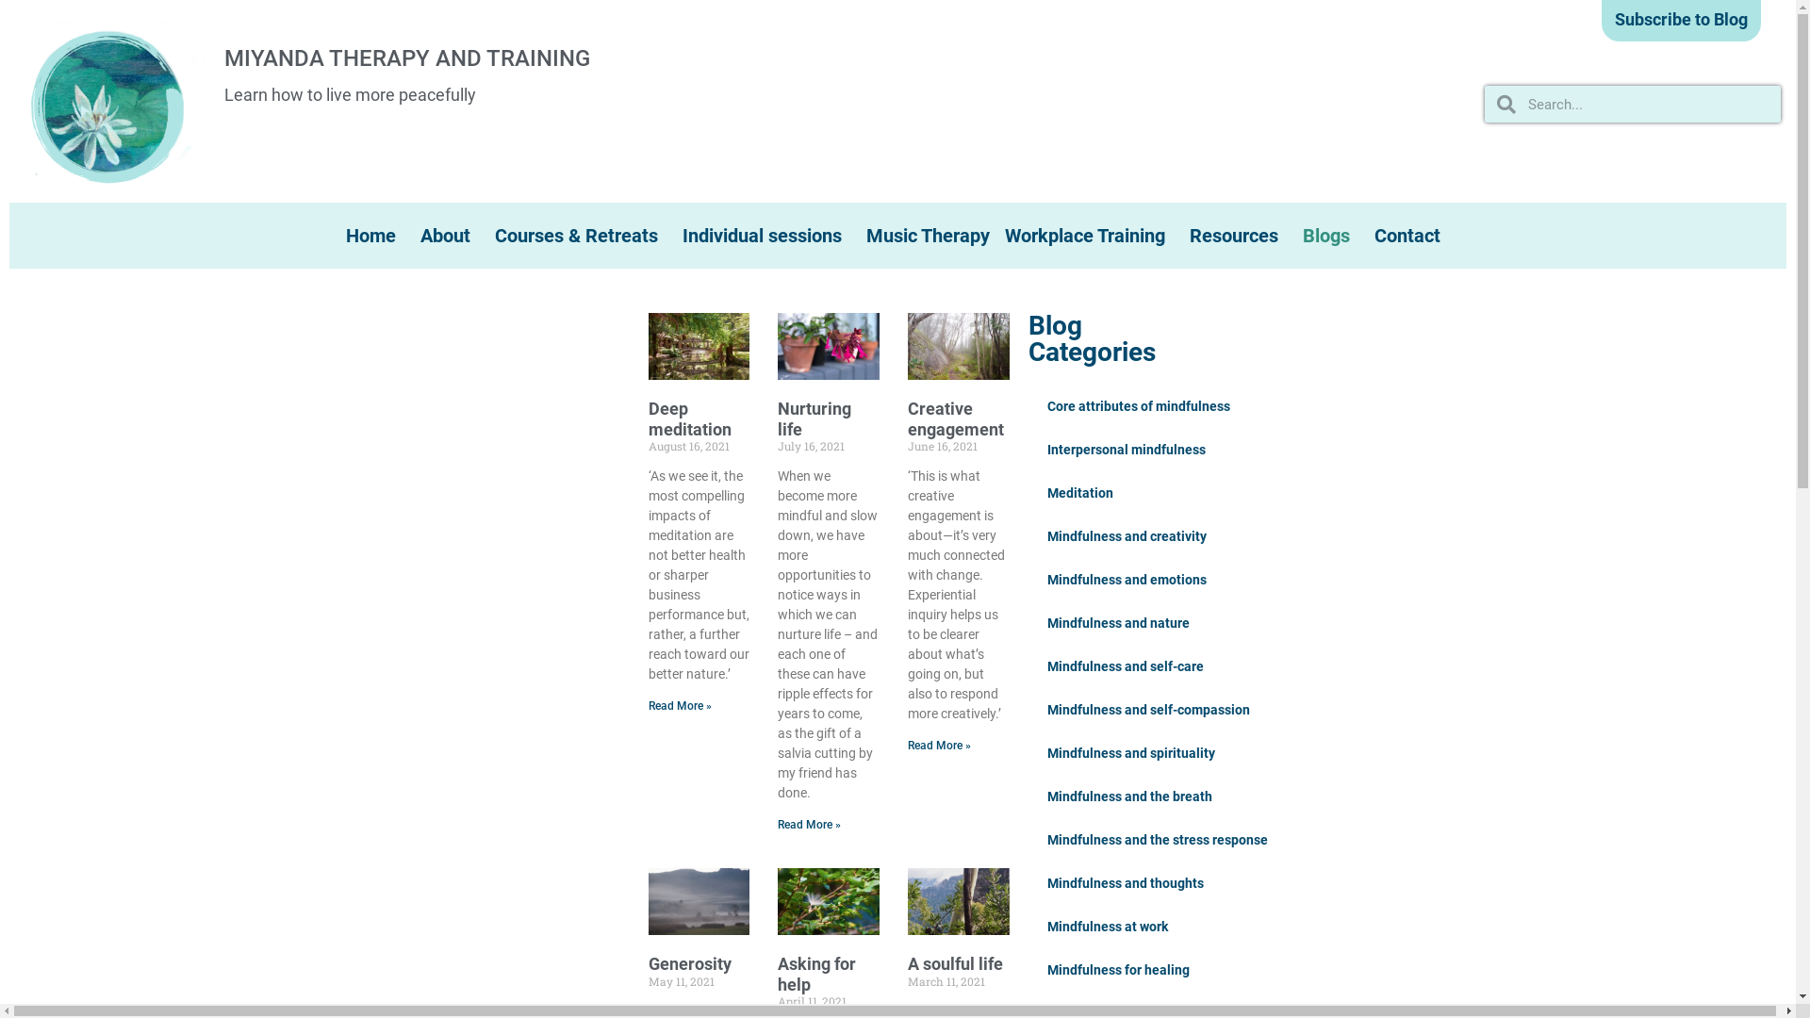  I want to click on 'Contact', so click(1411, 235).